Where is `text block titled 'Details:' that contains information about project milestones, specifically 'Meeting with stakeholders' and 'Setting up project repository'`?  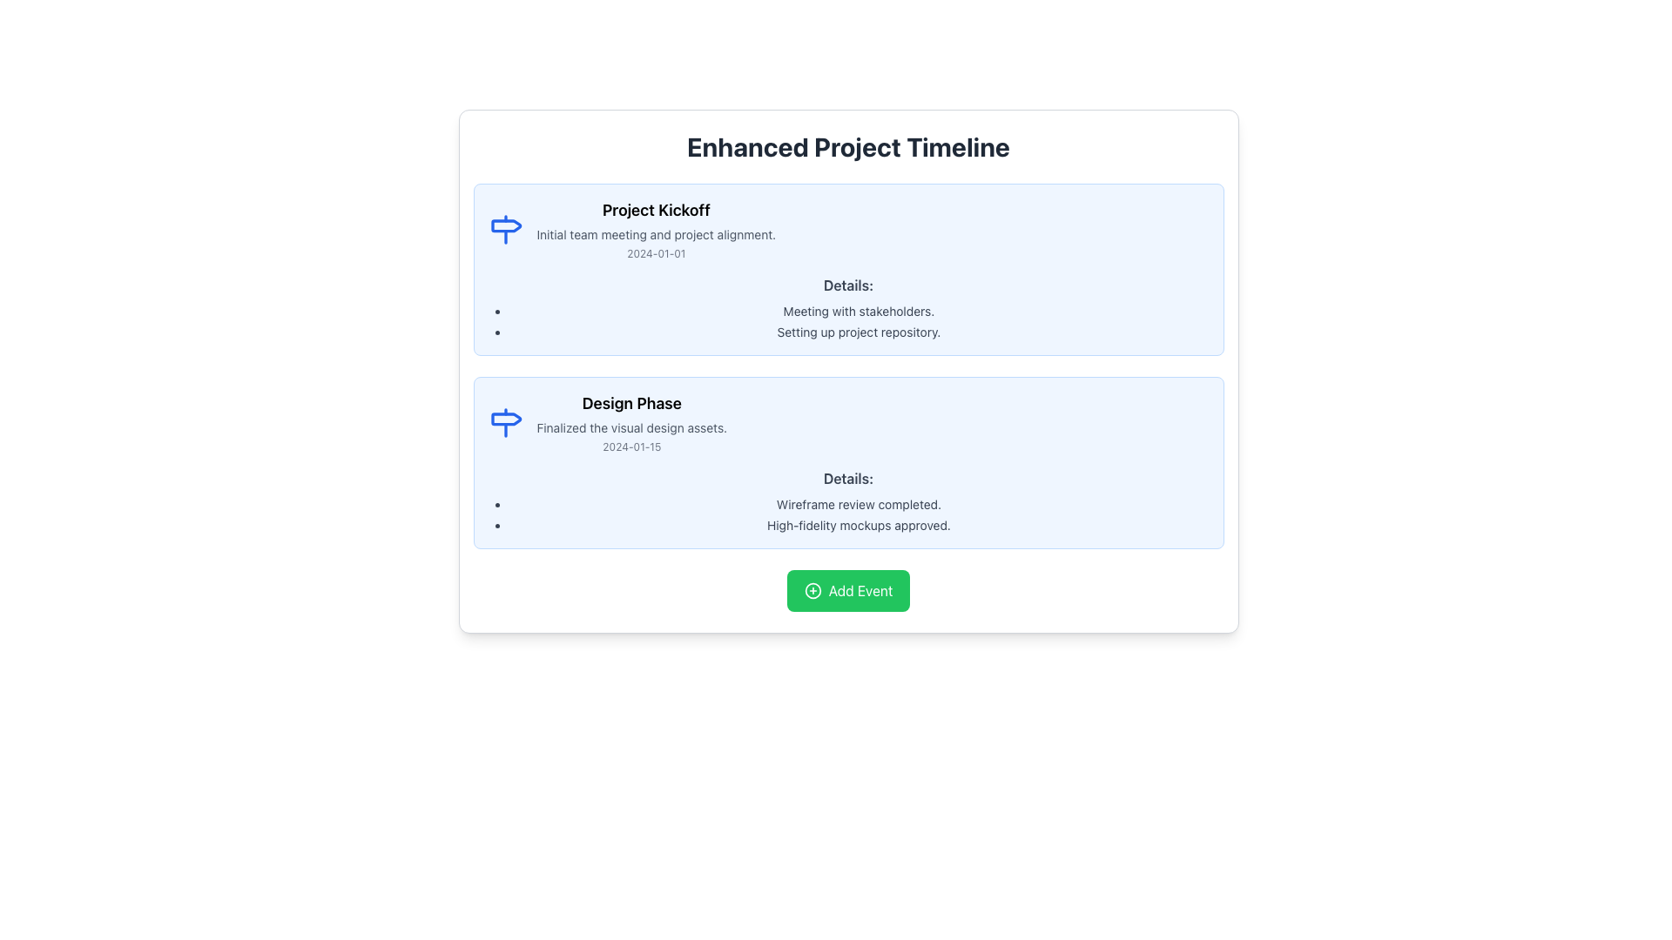 text block titled 'Details:' that contains information about project milestones, specifically 'Meeting with stakeholders' and 'Setting up project repository' is located at coordinates (848, 307).